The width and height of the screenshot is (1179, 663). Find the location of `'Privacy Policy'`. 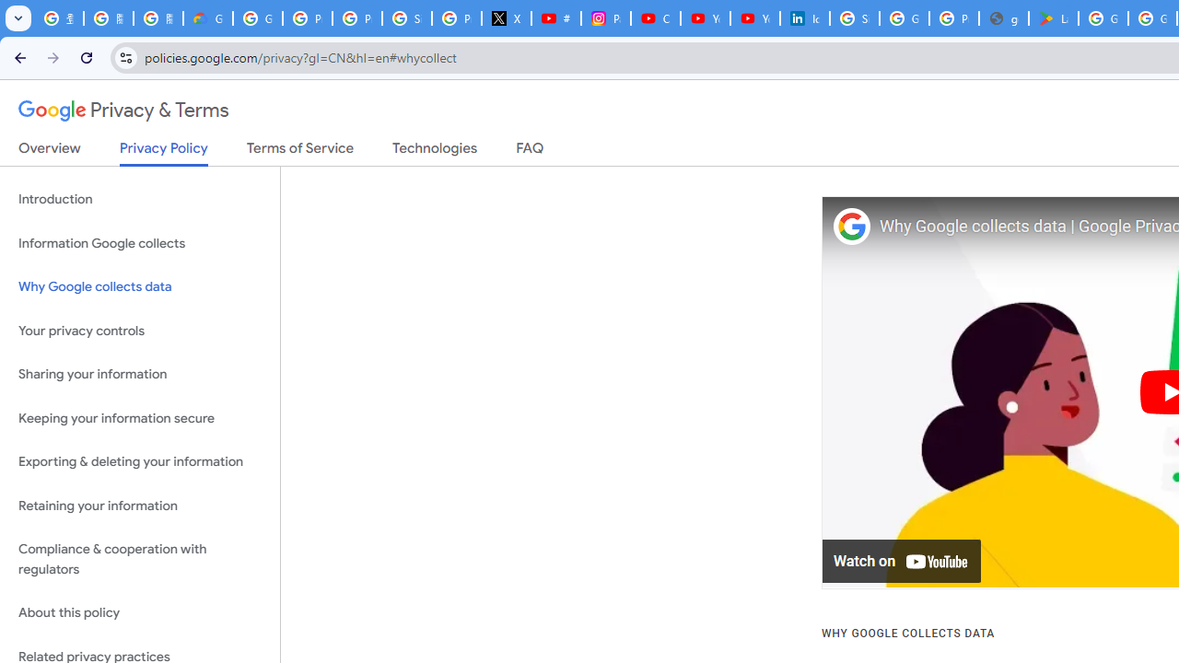

'Privacy Policy' is located at coordinates (163, 152).